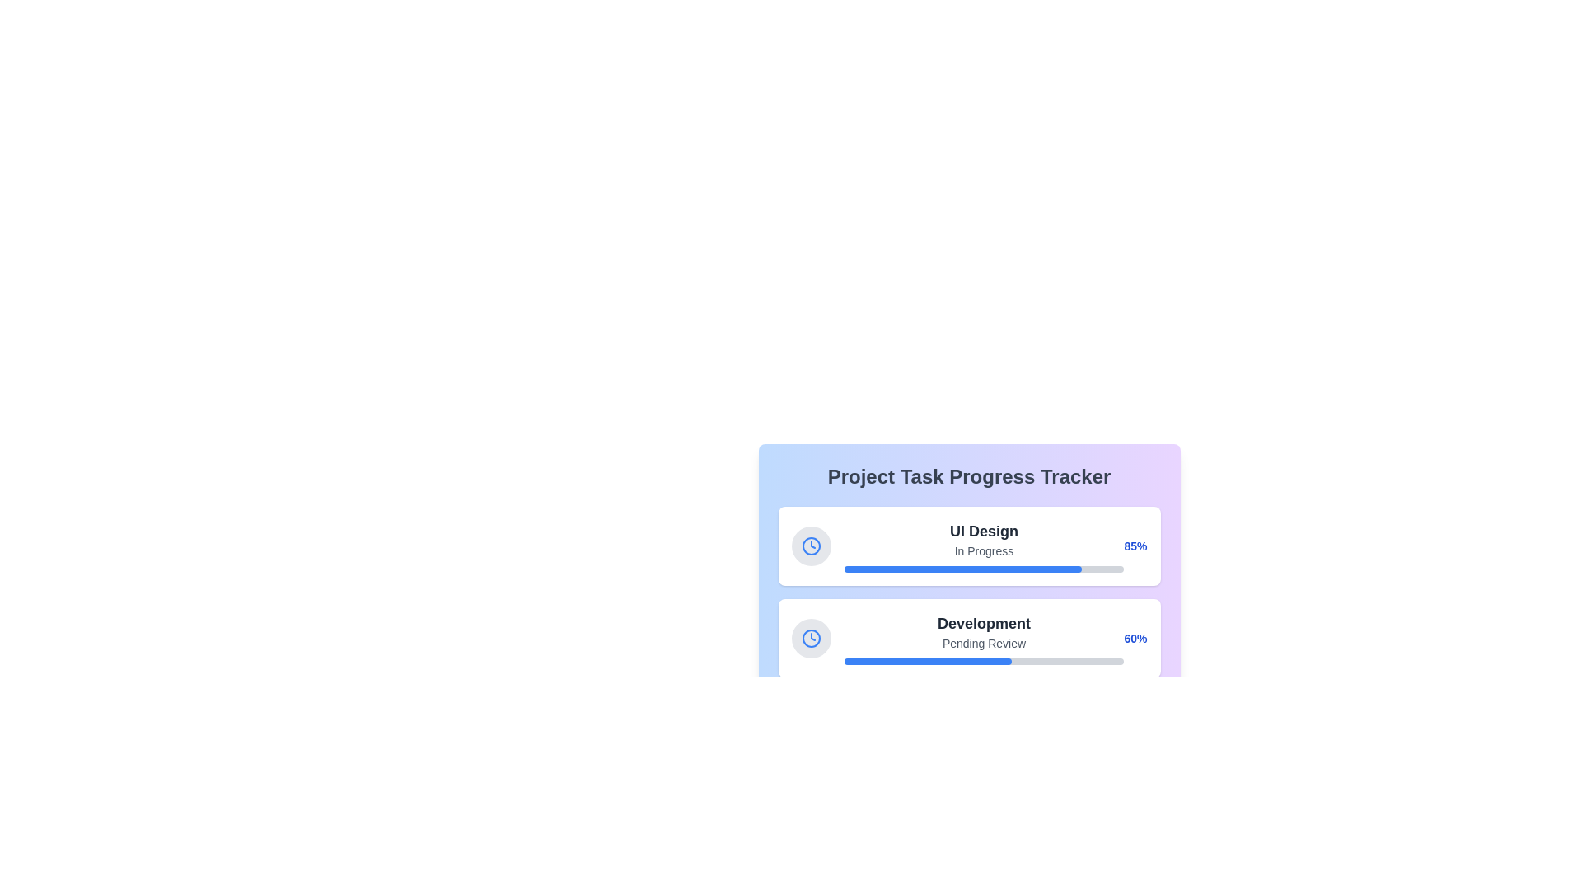 The width and height of the screenshot is (1582, 890). What do you see at coordinates (984, 550) in the screenshot?
I see `the text label displaying 'In Progress' located beneath the primary label 'UI Design' in the progress tracker card` at bounding box center [984, 550].